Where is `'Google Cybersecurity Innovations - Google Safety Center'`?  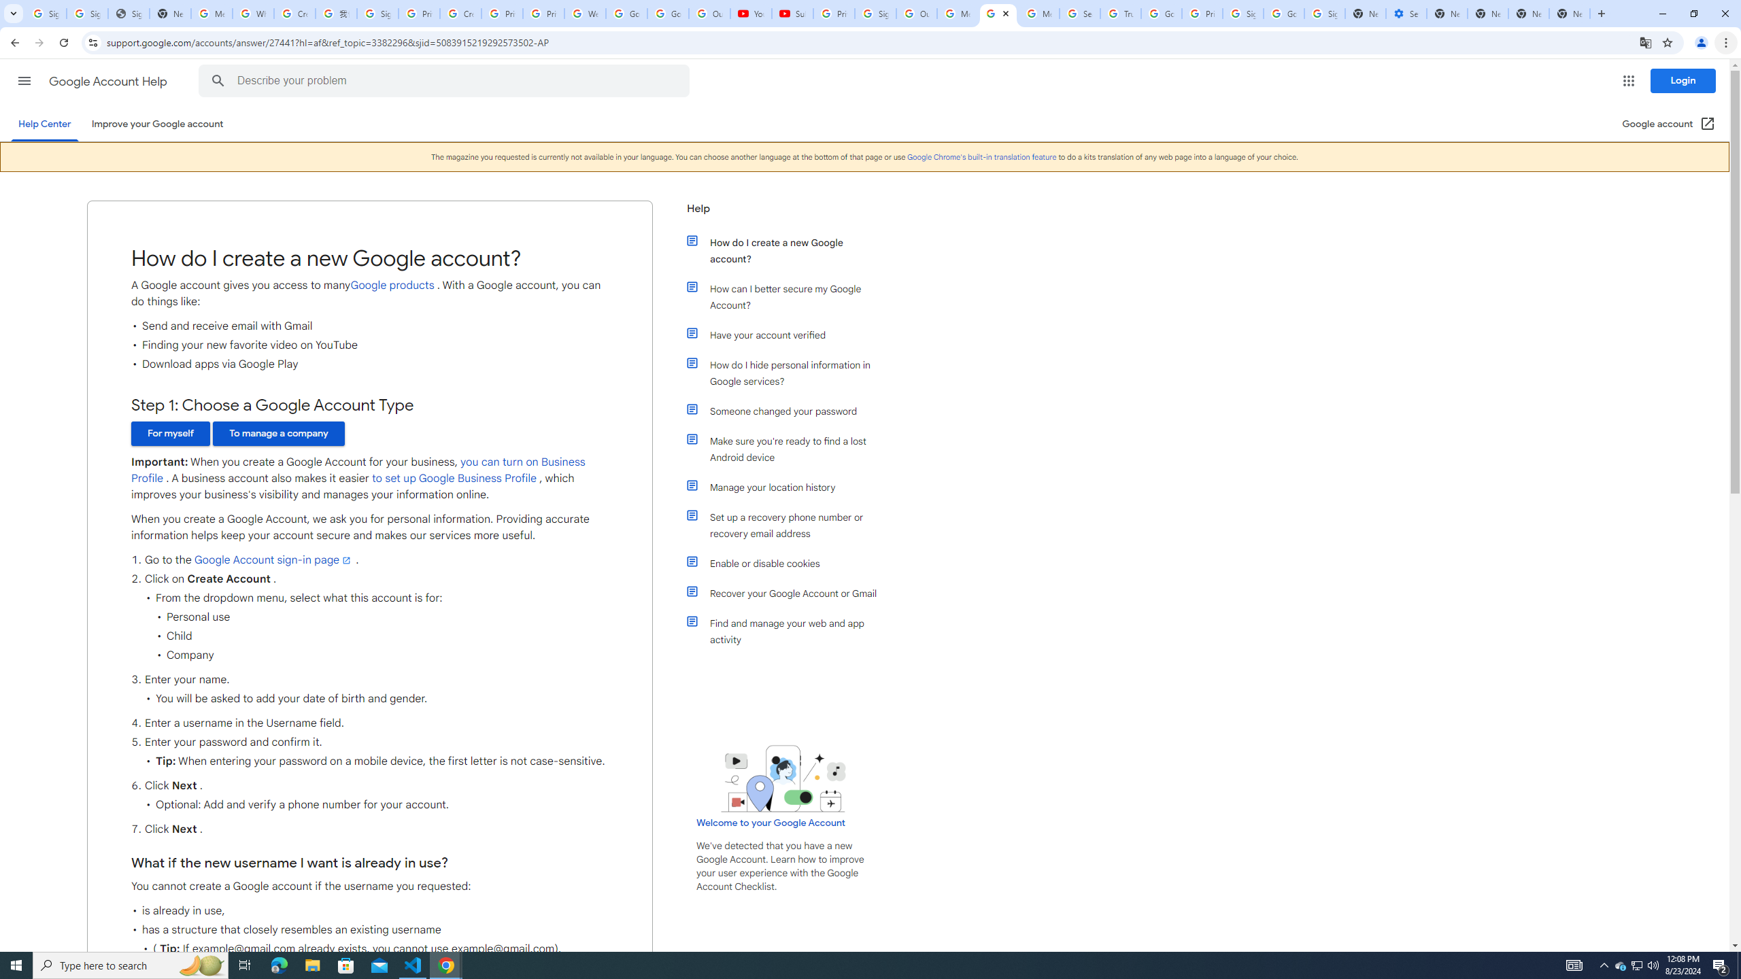 'Google Cybersecurity Innovations - Google Safety Center' is located at coordinates (1283, 13).